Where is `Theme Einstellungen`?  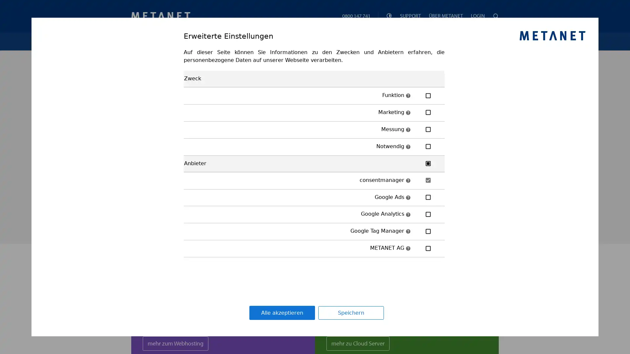
Theme Einstellungen is located at coordinates (389, 15).